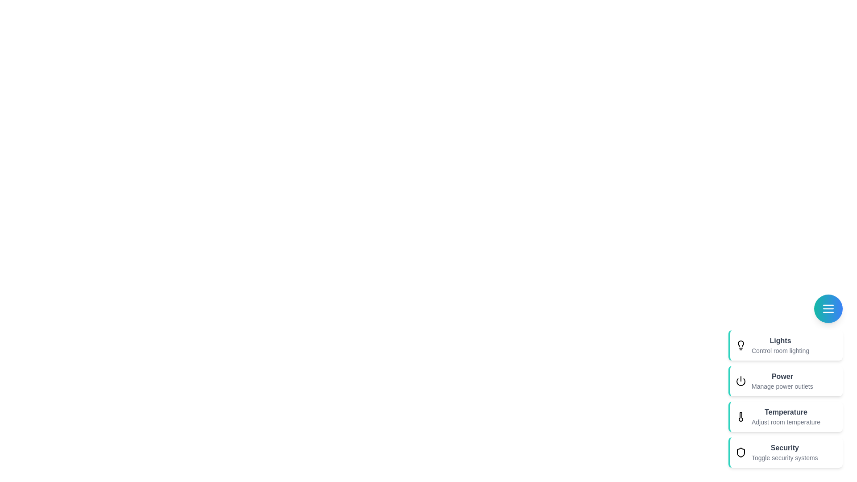 The image size is (857, 482). I want to click on the Temperature action from the menu, so click(786, 416).